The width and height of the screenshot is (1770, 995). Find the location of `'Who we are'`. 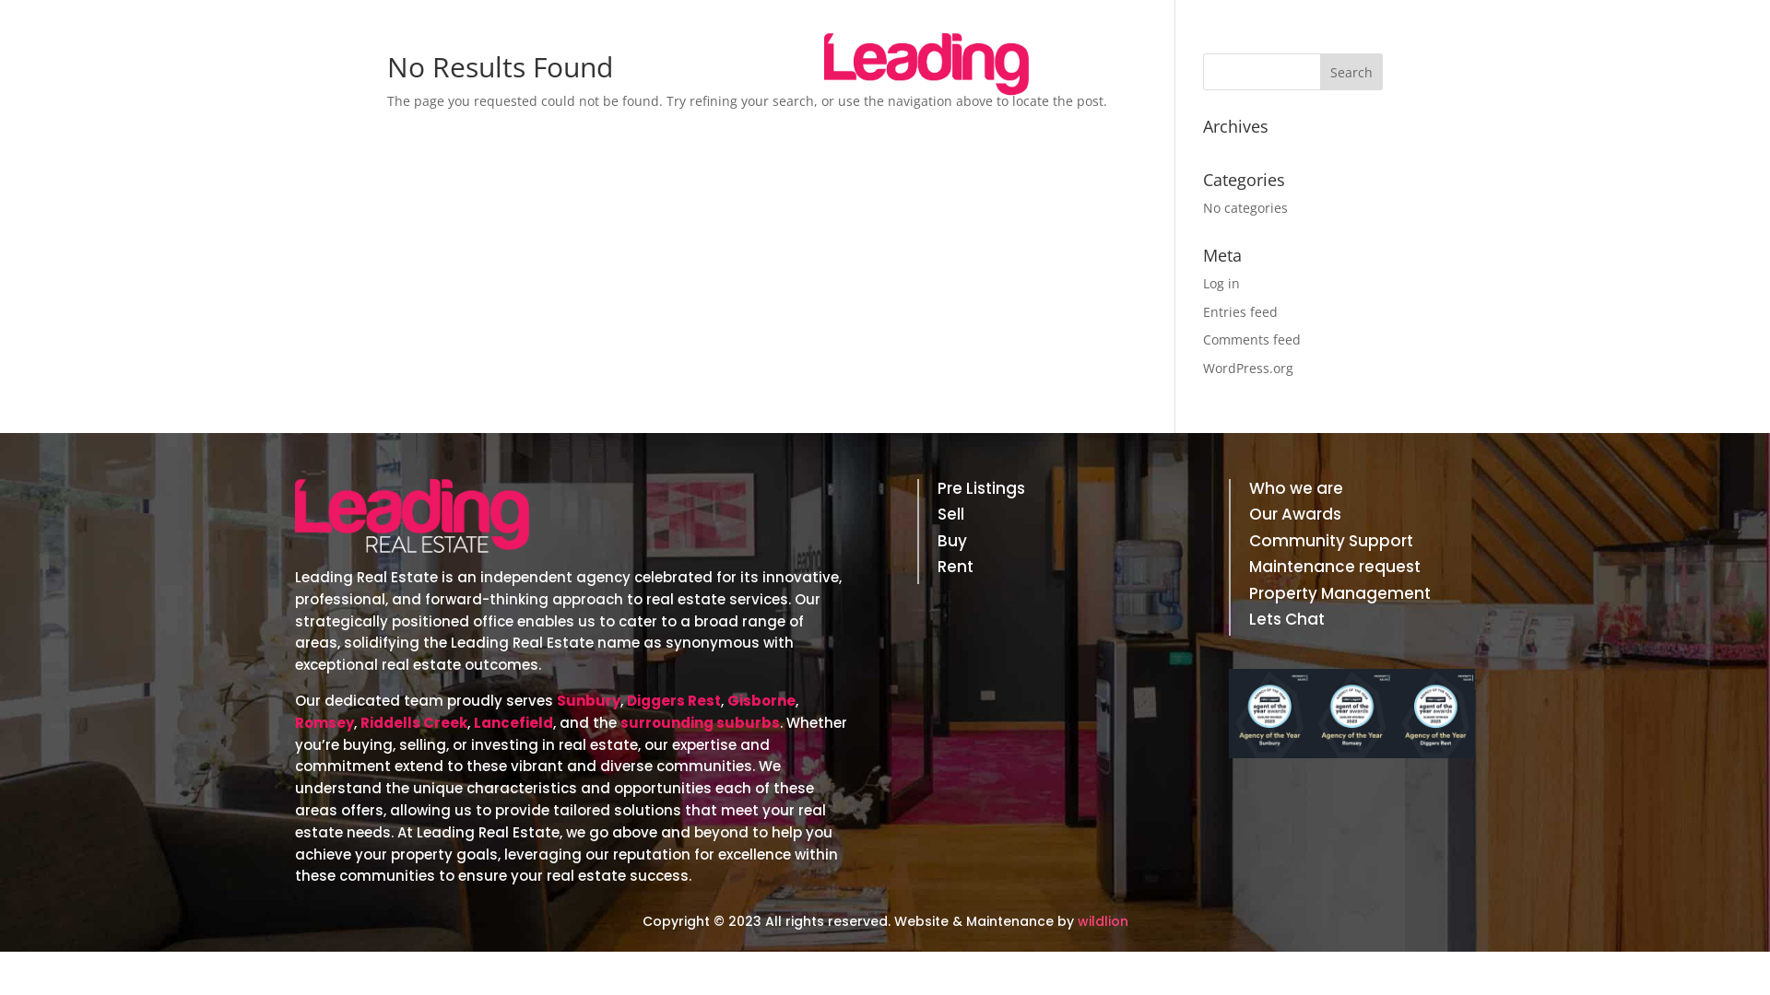

'Who we are' is located at coordinates (1351, 490).